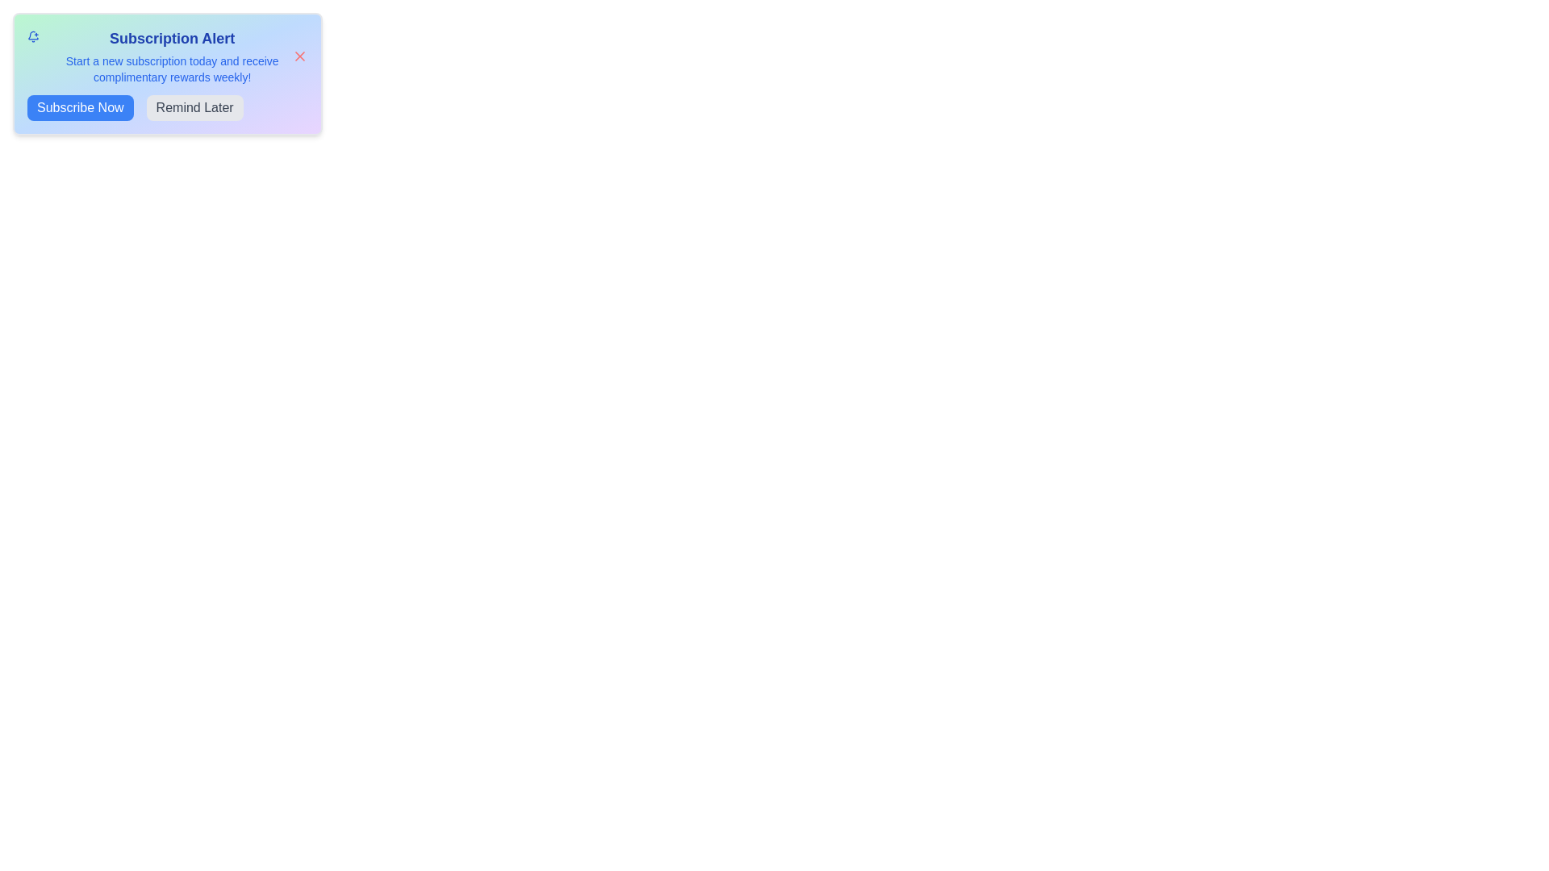 This screenshot has width=1549, height=871. I want to click on 'Remind Later' button, so click(194, 108).